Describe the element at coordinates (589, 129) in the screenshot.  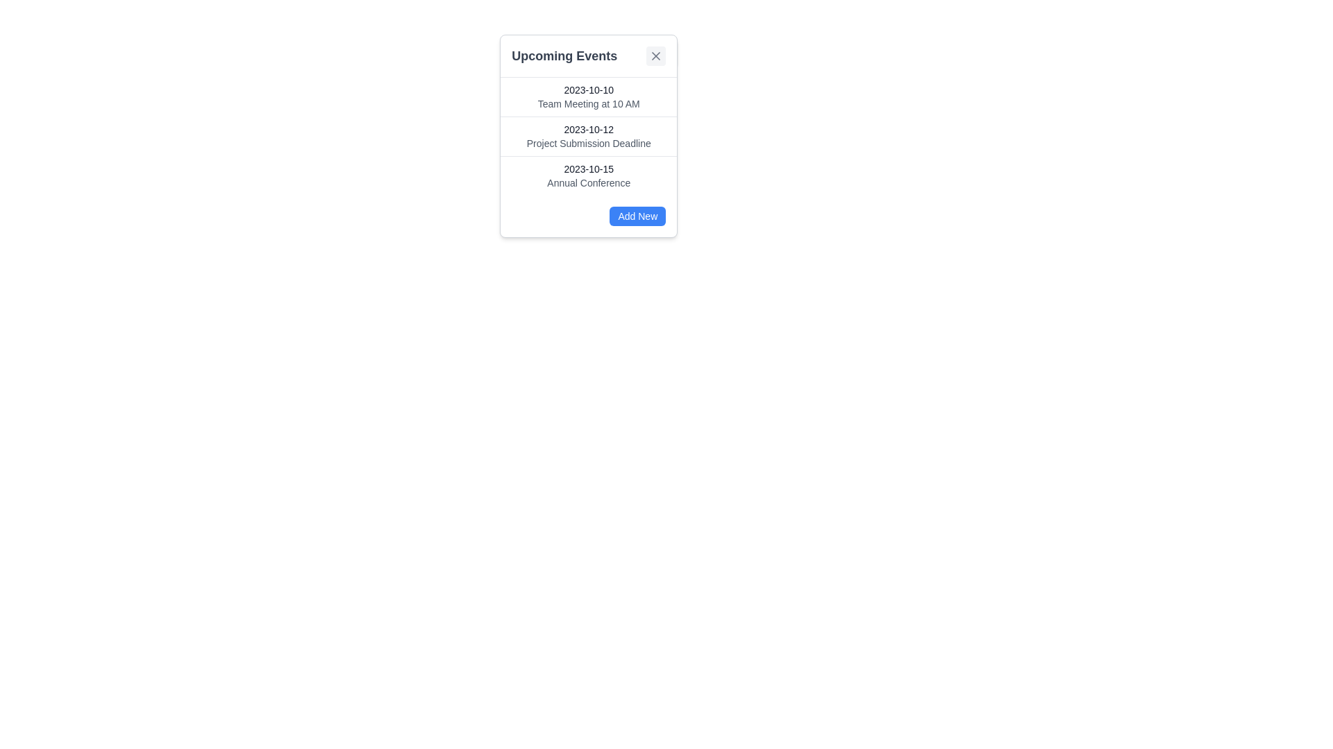
I see `the static text label that indicates the event date above the 'Project Submission Deadline' text in the second entry of the 'Upcoming Events' panel` at that location.